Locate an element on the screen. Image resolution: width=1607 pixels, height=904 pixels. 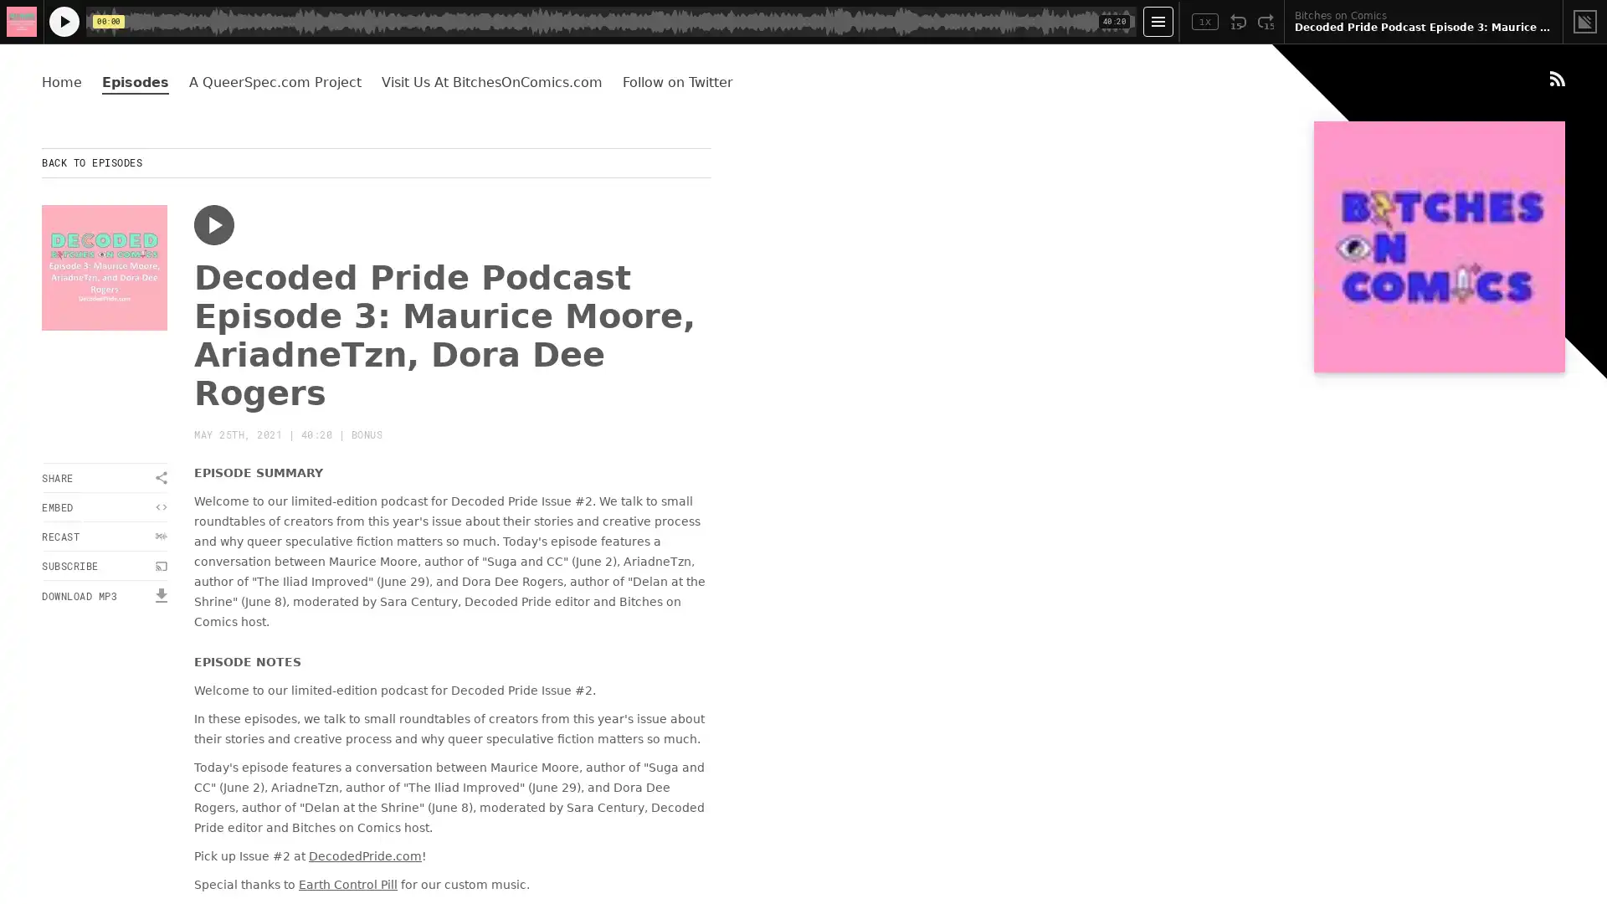
BACK TO EPISODES is located at coordinates (376, 163).